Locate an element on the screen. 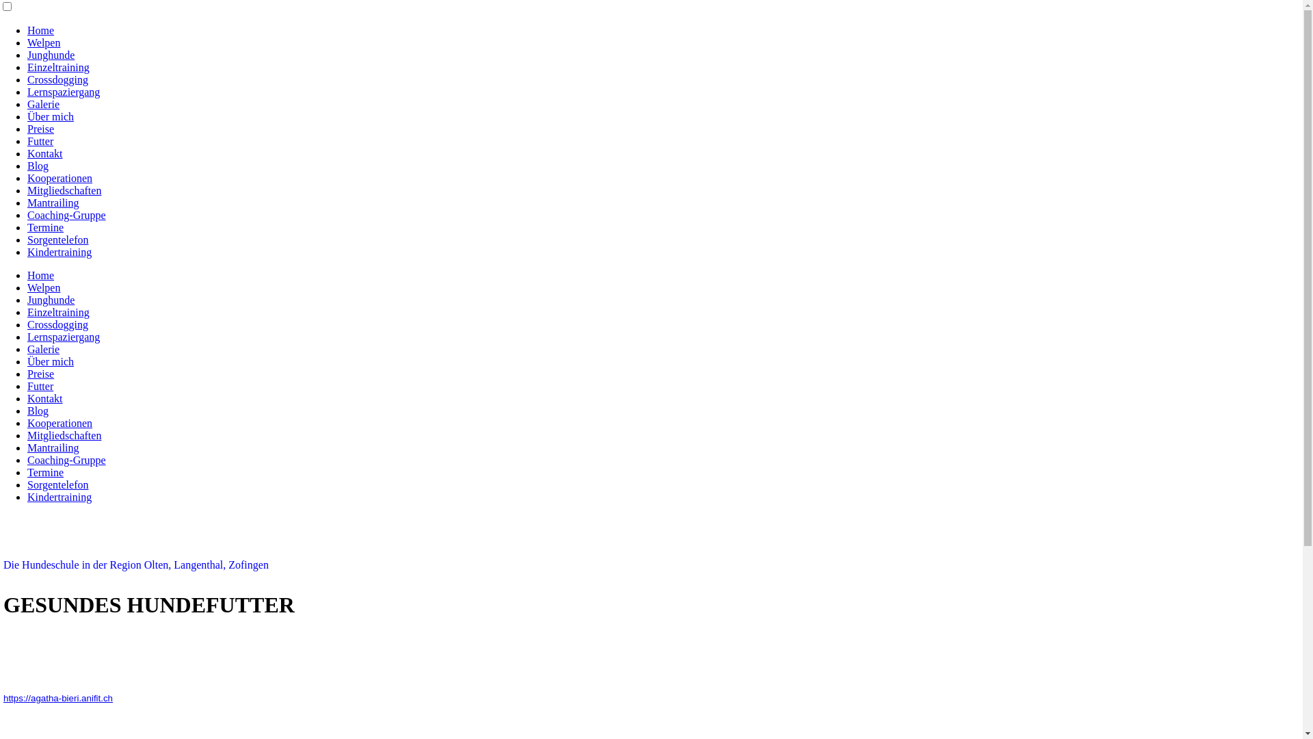 The width and height of the screenshot is (1313, 739). 'Termine' is located at coordinates (45, 471).